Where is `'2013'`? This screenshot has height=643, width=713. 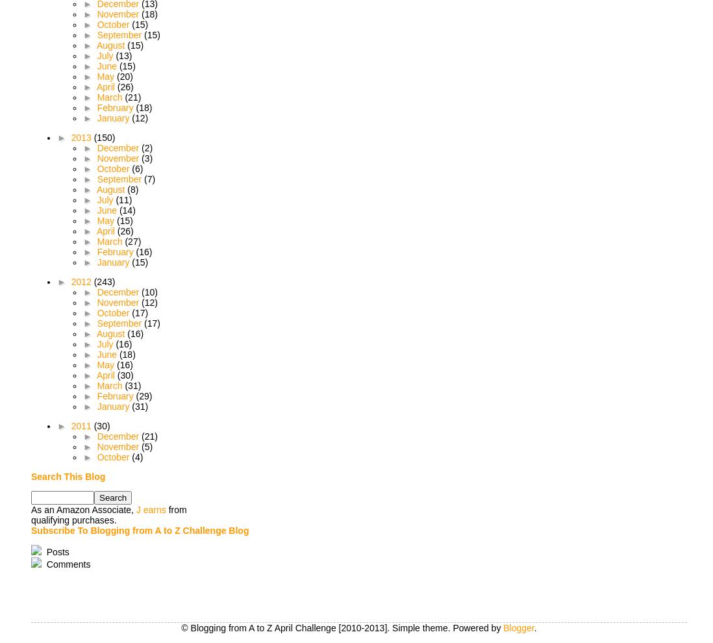
'2013' is located at coordinates (82, 136).